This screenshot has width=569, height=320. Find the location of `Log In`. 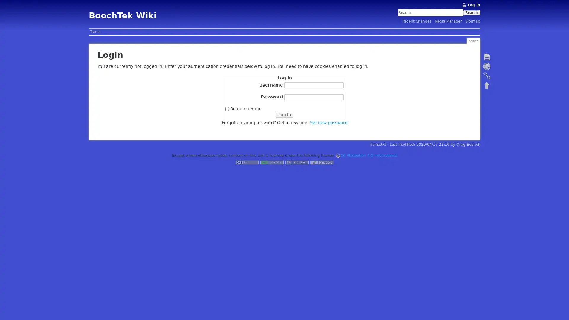

Log In is located at coordinates (284, 114).